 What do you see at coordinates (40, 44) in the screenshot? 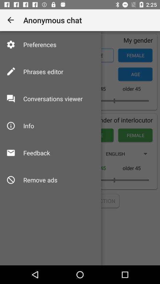
I see `preferences icon` at bounding box center [40, 44].